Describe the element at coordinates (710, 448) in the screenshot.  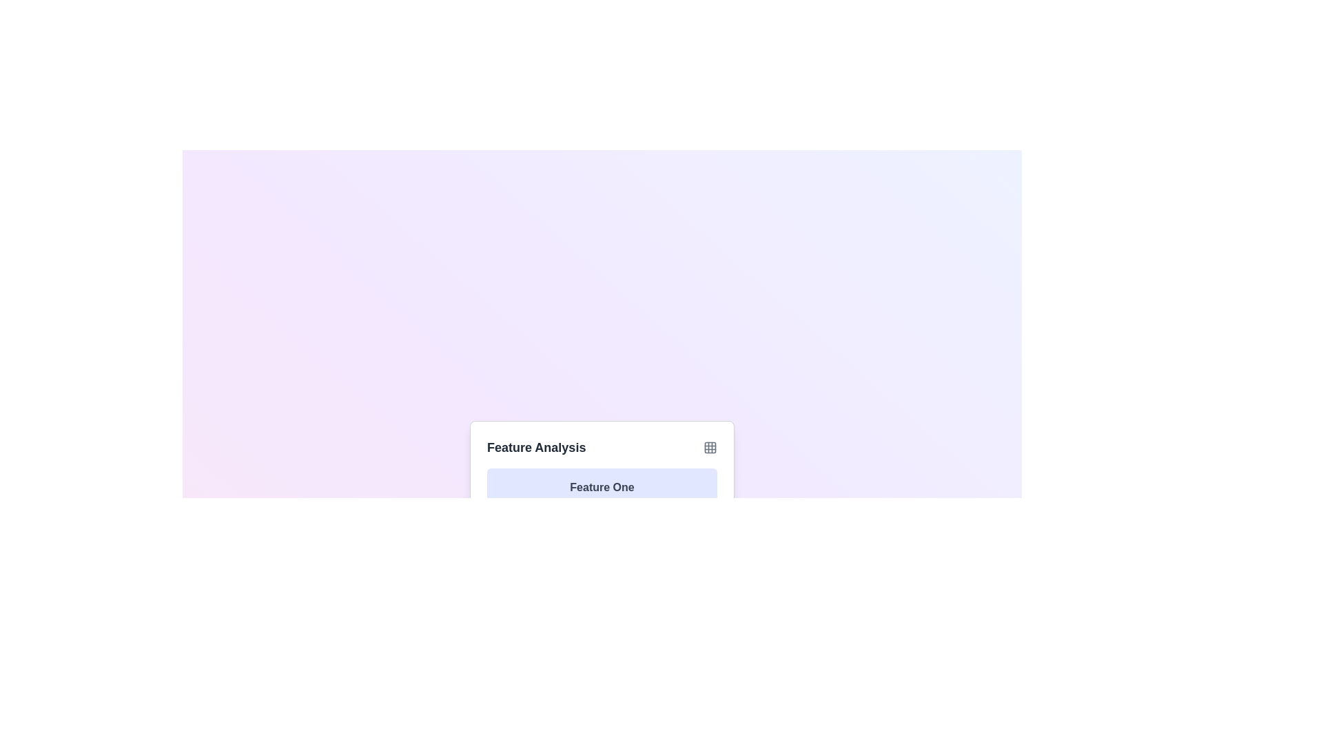
I see `the gray 3x3 grid-like icon with rounded corners, located in the top-right corner of the 'Feature Analysis' section` at that location.